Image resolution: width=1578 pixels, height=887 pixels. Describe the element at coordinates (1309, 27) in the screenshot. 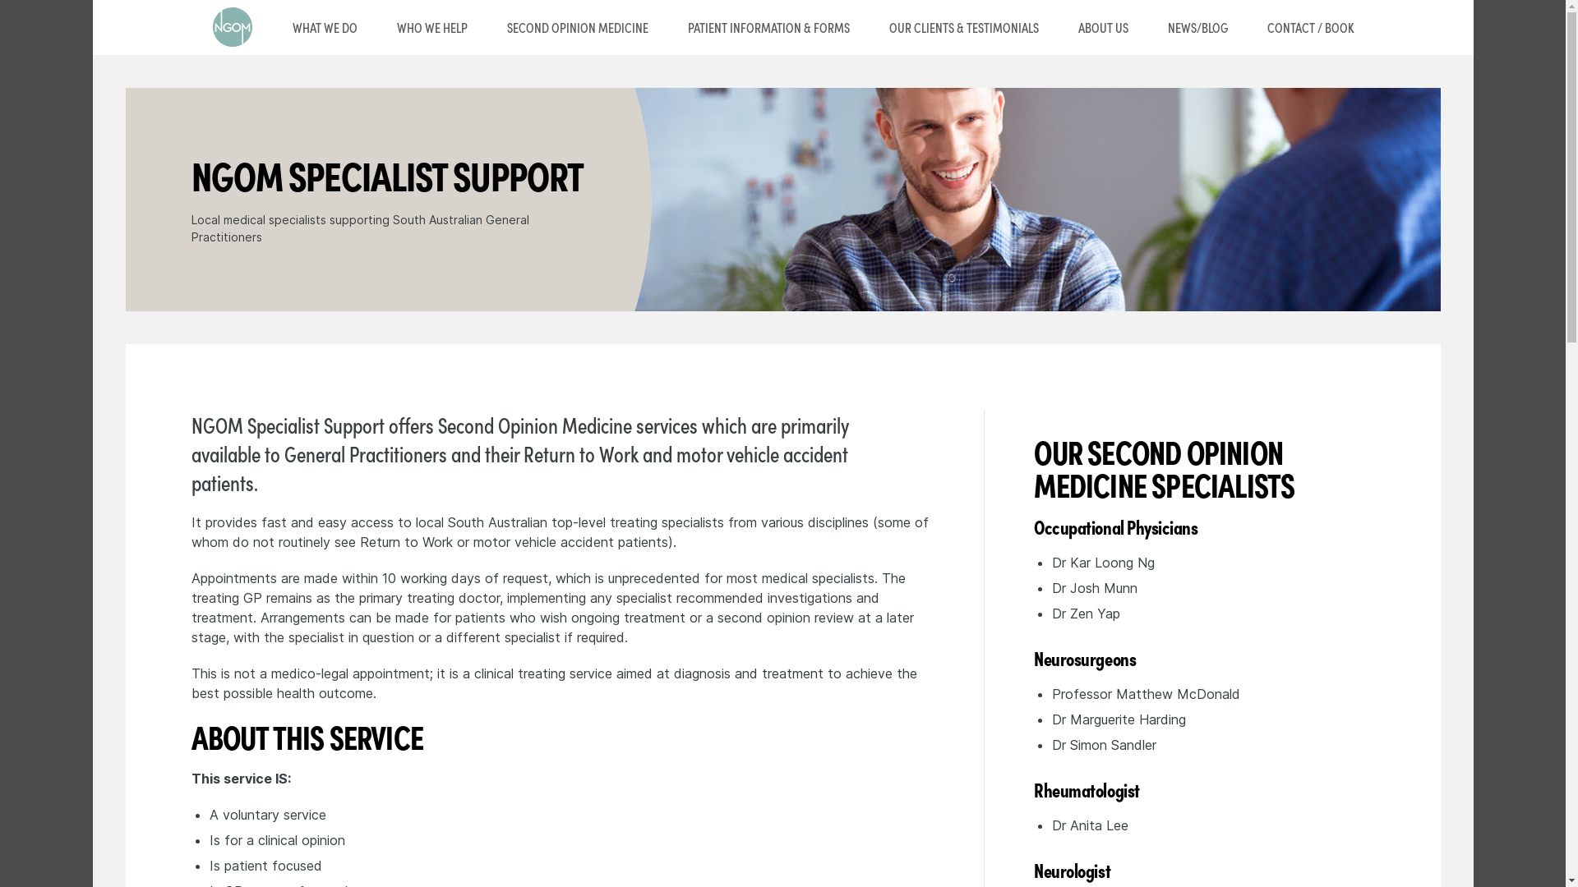

I see `'CONTACT / BOOK'` at that location.